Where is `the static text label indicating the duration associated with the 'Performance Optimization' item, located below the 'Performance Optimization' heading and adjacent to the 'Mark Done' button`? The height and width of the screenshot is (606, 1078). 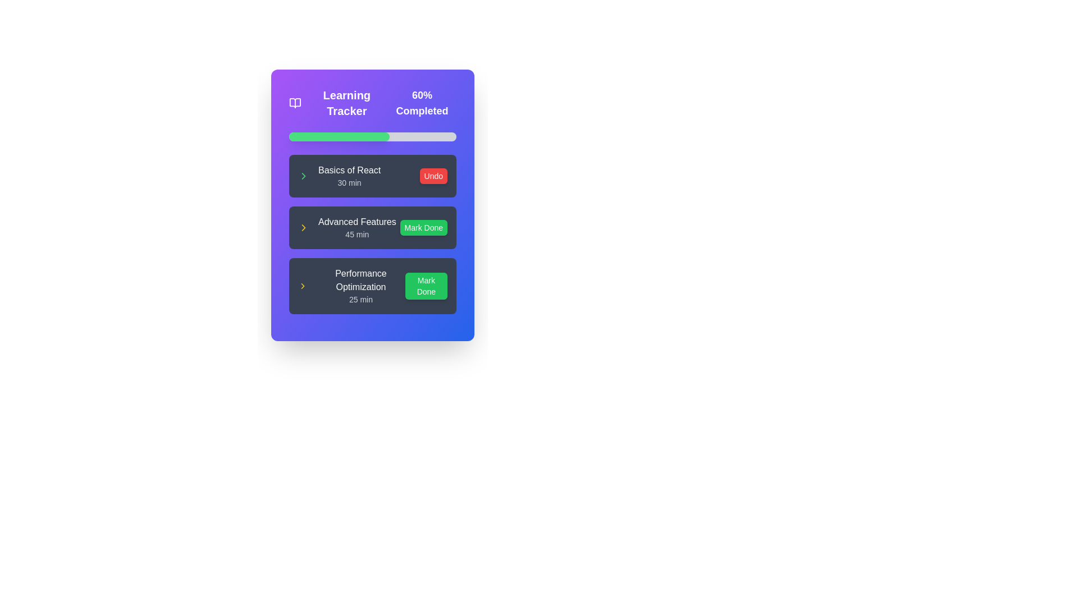
the static text label indicating the duration associated with the 'Performance Optimization' item, located below the 'Performance Optimization' heading and adjacent to the 'Mark Done' button is located at coordinates (361, 299).